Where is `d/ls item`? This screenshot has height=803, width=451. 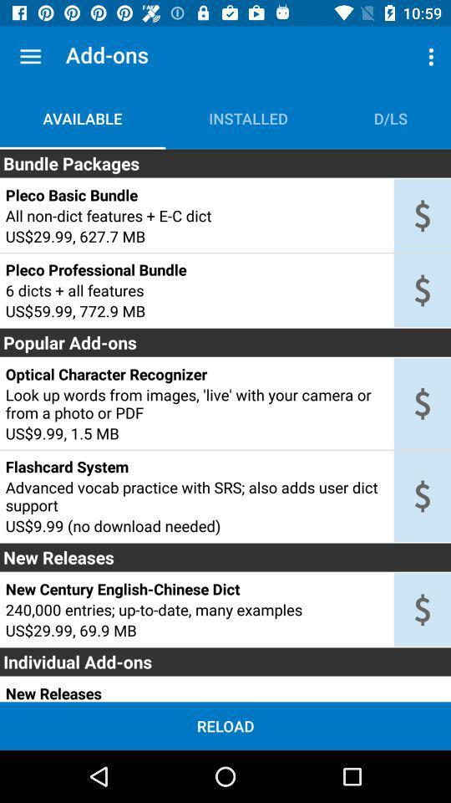 d/ls item is located at coordinates (391, 117).